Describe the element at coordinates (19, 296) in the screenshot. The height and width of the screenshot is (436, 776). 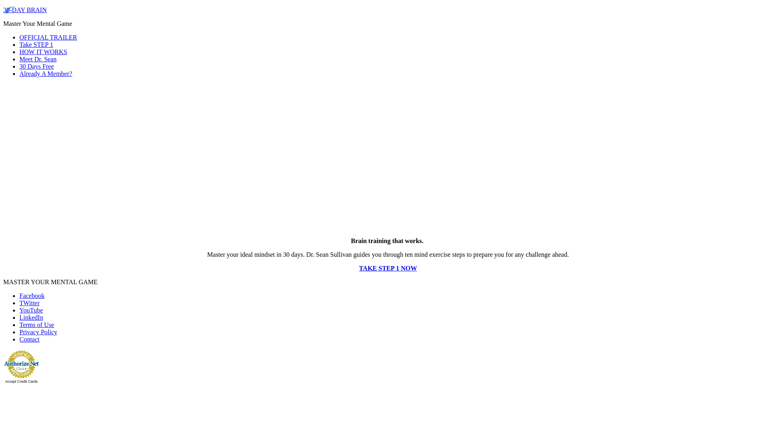
I see `'Facebook'` at that location.